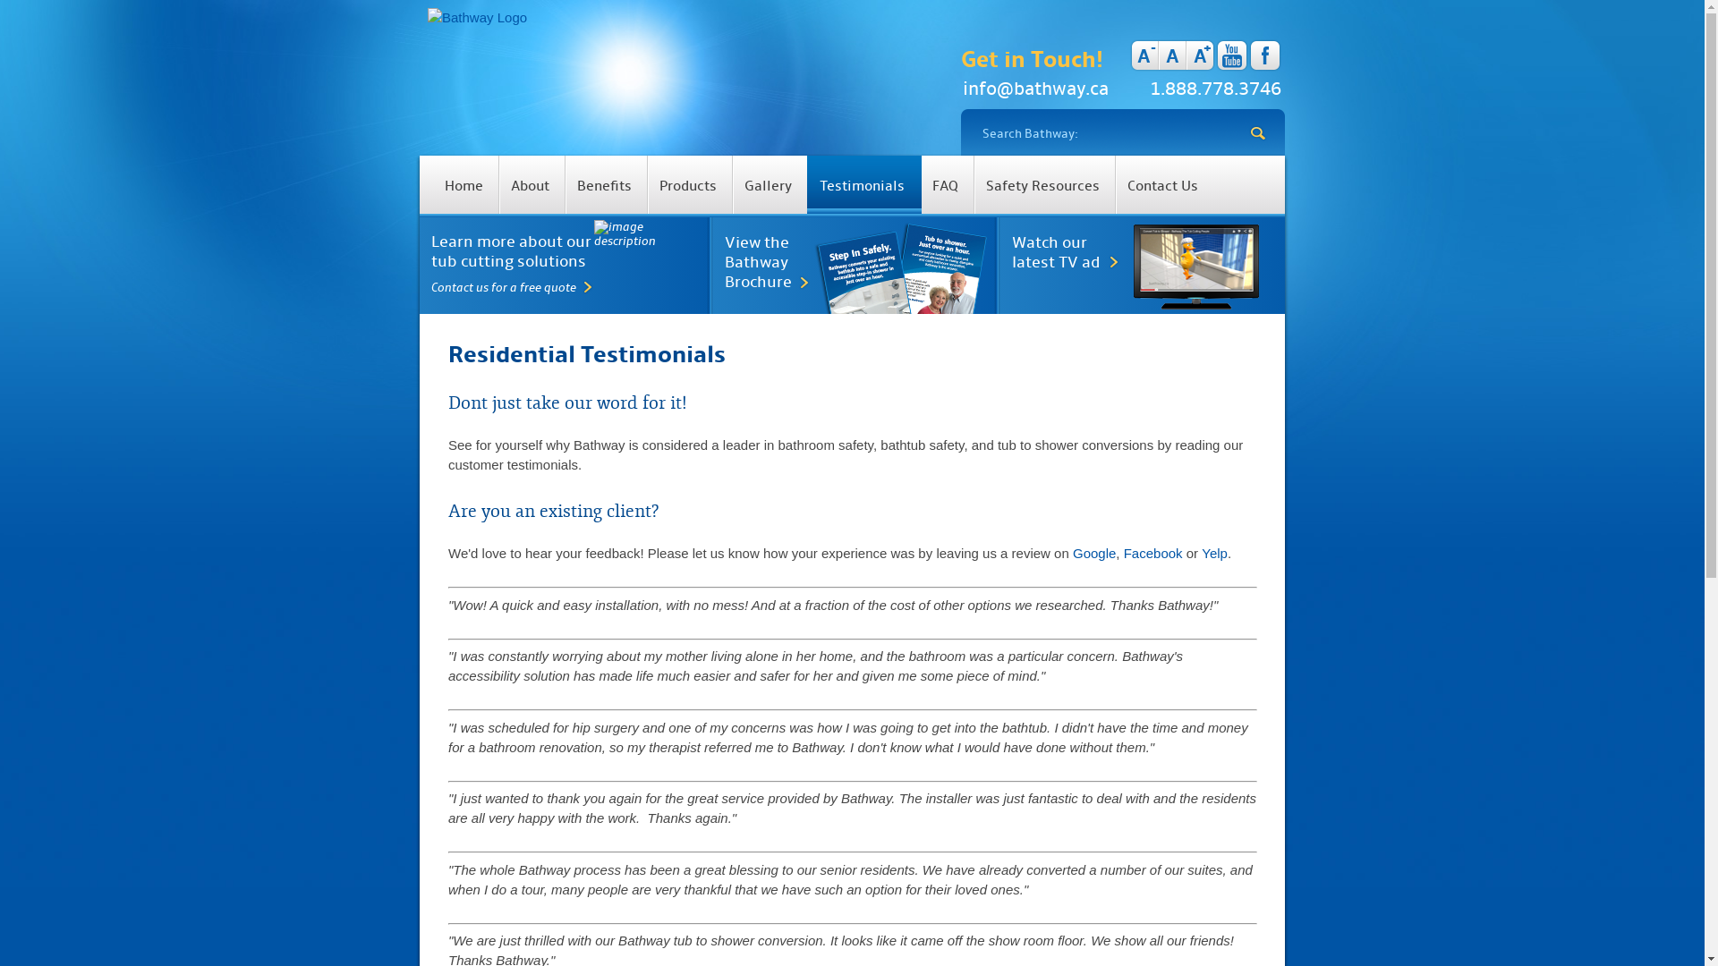  I want to click on 'A', so click(1172, 54).